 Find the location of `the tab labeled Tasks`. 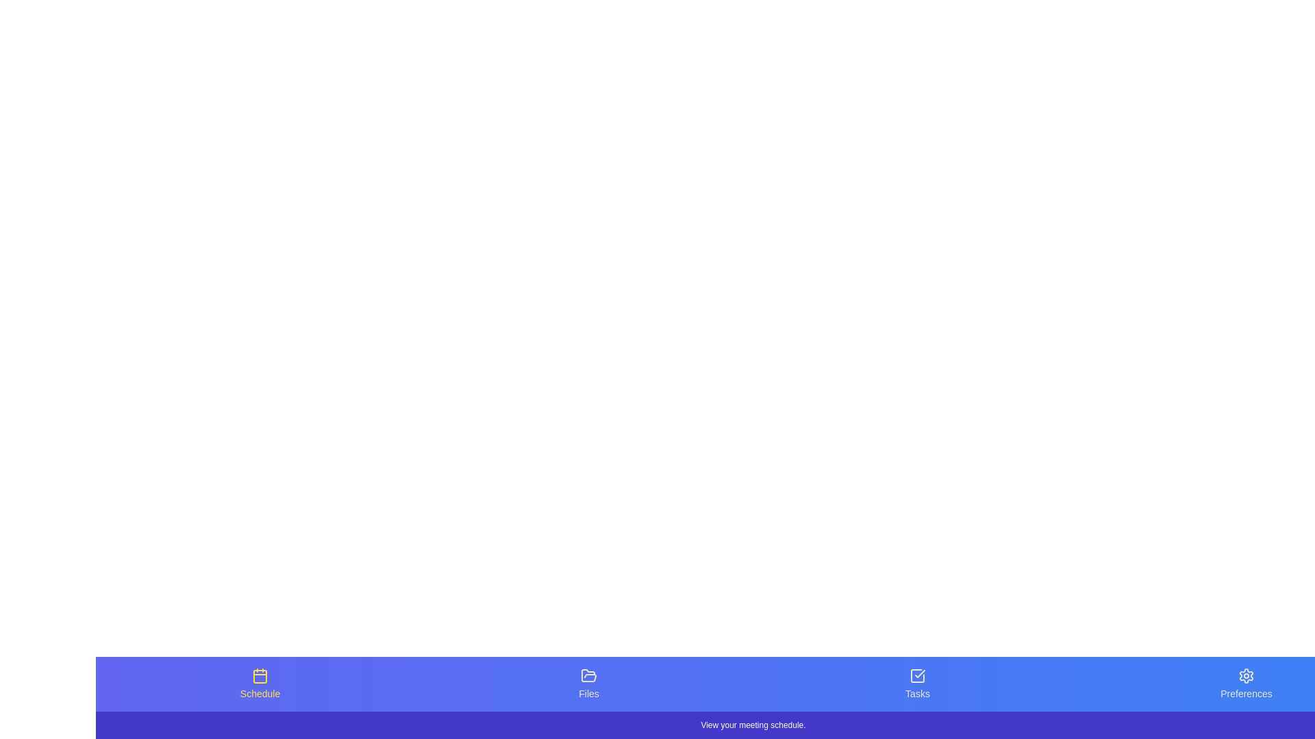

the tab labeled Tasks is located at coordinates (917, 684).